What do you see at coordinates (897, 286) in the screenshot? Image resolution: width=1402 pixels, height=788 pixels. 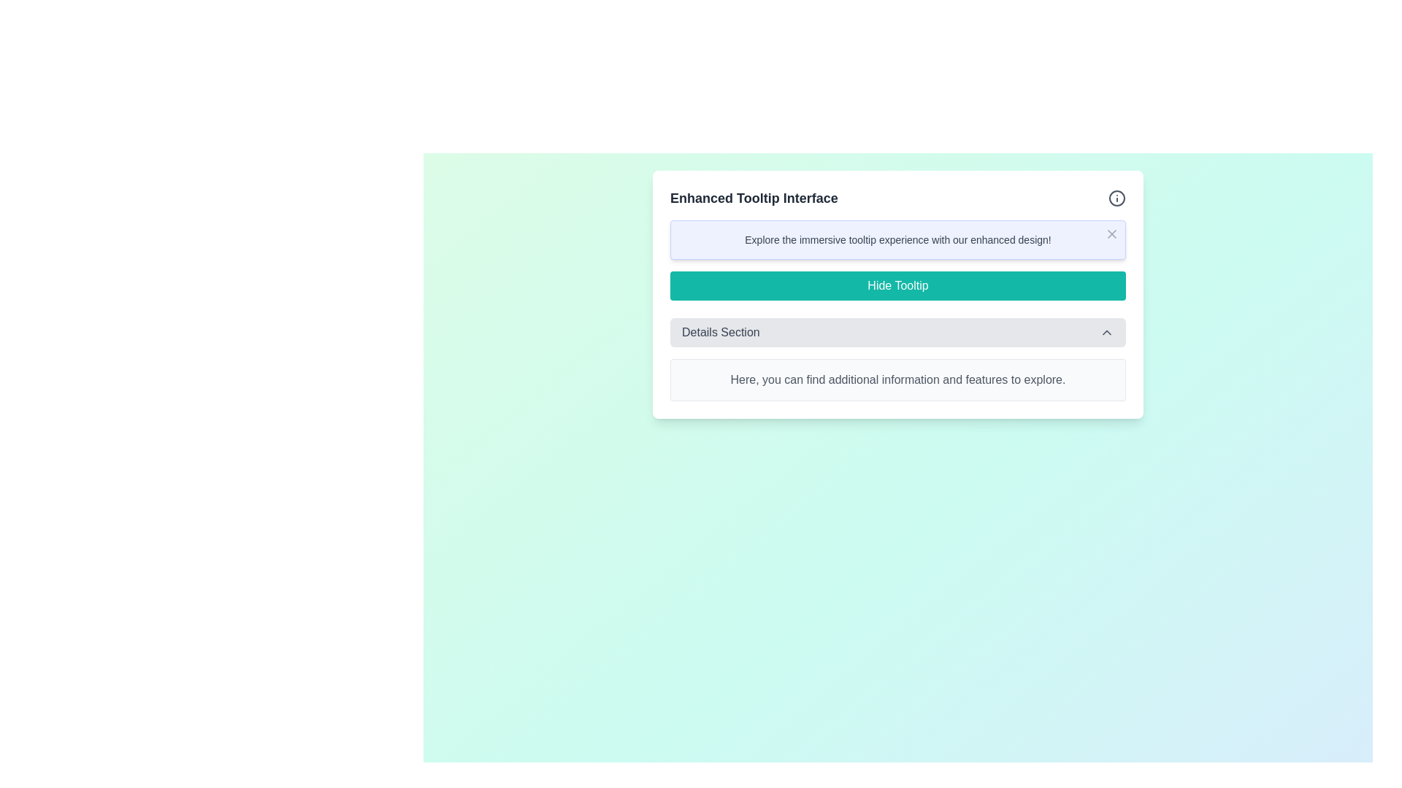 I see `the button that toggles the visibility of a tooltip, which is positioned below a description box and above an expandable details section` at bounding box center [897, 286].